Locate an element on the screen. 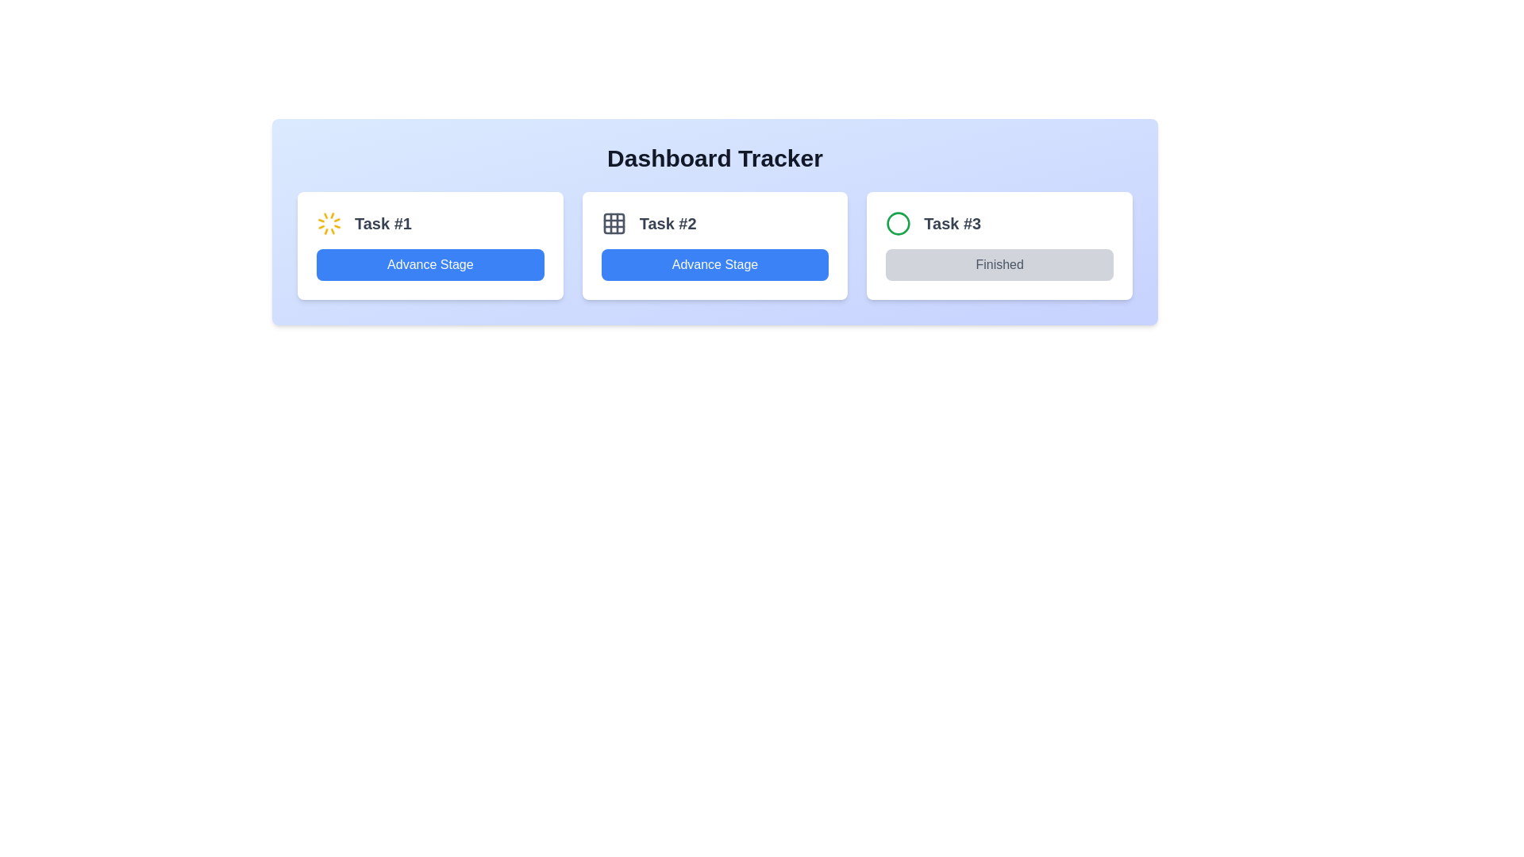 This screenshot has height=857, width=1524. the text label displaying 'Task #1' which is prominently styled in a bold, large font with a grayish color, located within the first card on the dashboard is located at coordinates (383, 223).